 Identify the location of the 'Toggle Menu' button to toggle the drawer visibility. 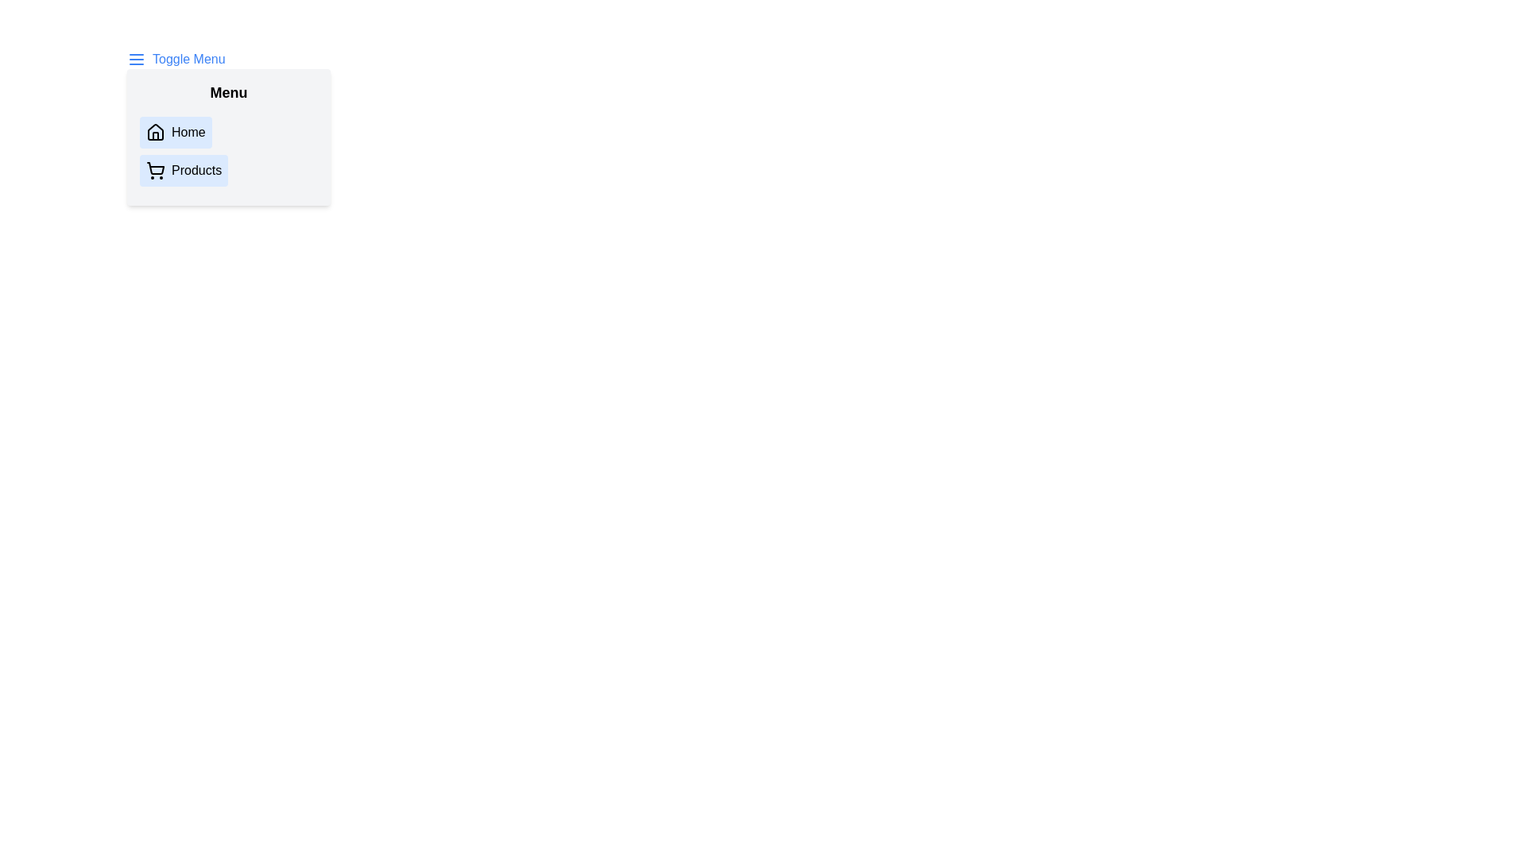
(175, 58).